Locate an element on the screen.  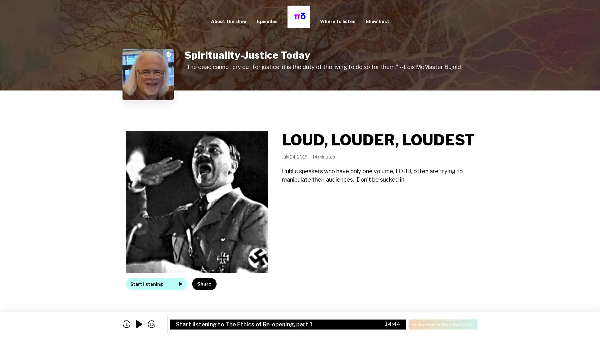
Share is located at coordinates (204, 284).